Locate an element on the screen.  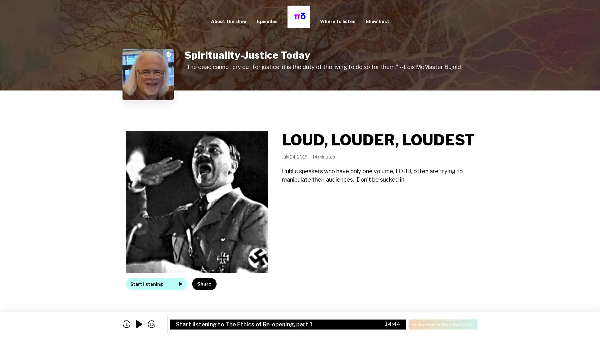
Share is located at coordinates (204, 284).